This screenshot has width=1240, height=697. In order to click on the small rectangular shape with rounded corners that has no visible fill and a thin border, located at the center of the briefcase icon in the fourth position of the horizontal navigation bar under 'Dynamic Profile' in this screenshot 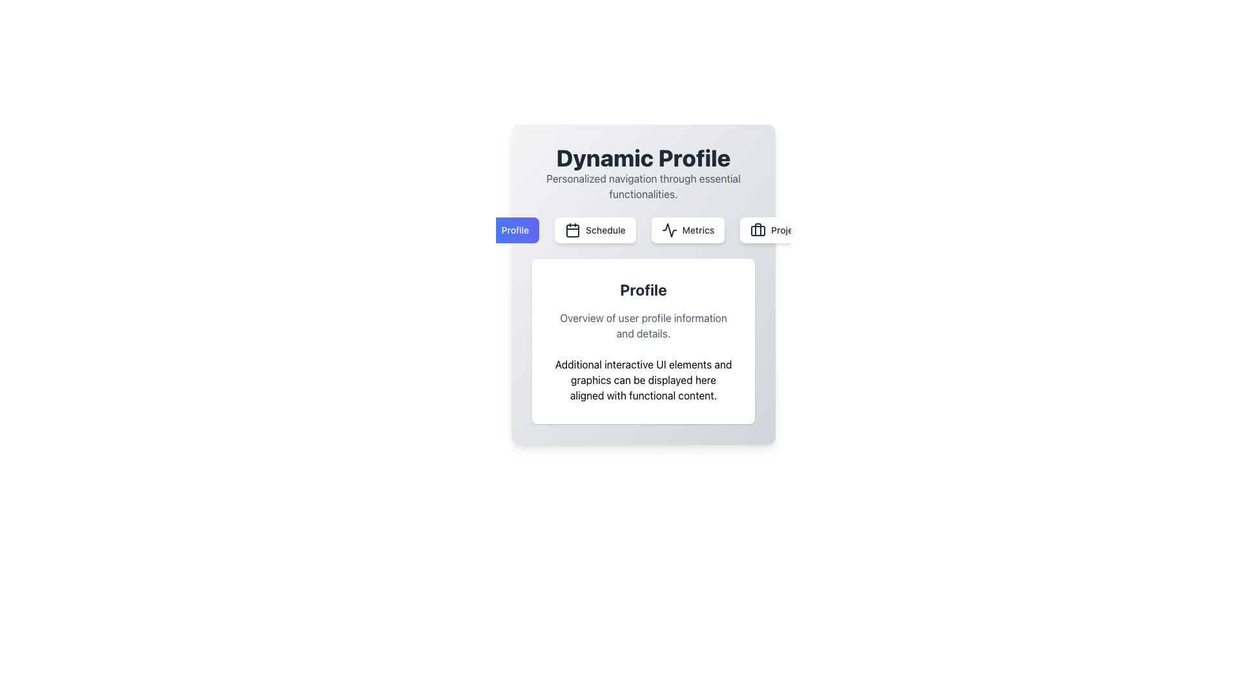, I will do `click(758, 230)`.